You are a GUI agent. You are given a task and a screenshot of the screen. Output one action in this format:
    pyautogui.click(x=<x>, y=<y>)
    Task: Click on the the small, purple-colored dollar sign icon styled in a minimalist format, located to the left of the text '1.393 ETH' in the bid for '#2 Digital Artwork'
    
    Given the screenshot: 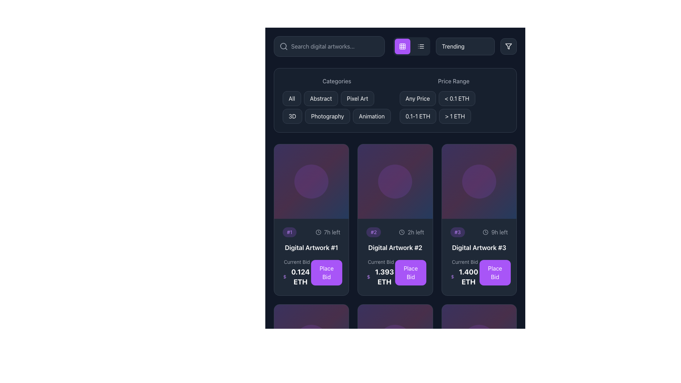 What is the action you would take?
    pyautogui.click(x=369, y=277)
    